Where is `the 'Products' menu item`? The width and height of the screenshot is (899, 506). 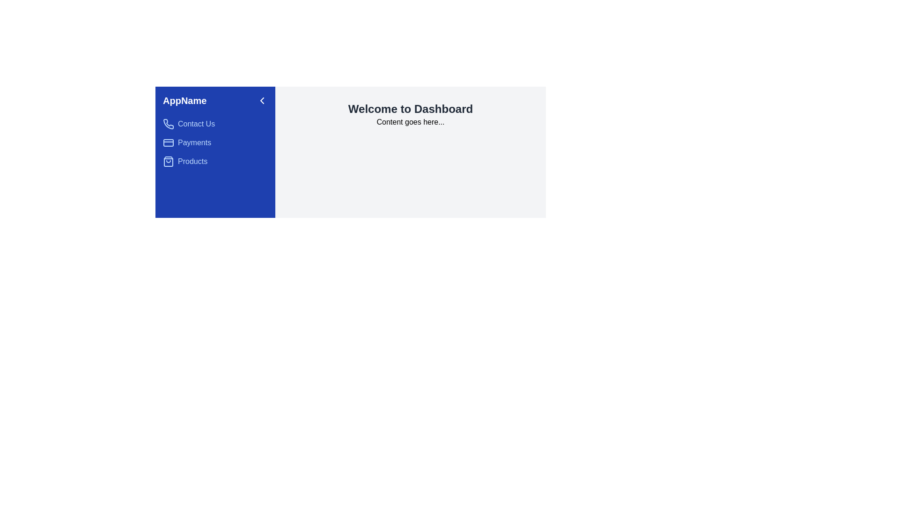 the 'Products' menu item is located at coordinates (215, 161).